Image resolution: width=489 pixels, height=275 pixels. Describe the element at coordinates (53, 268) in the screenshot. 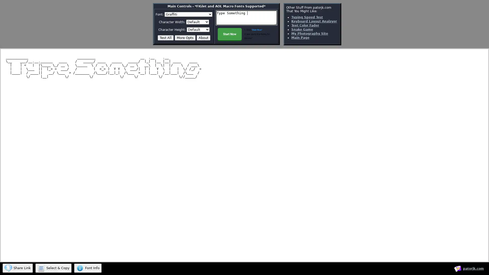

I see `Select & Copy` at that location.